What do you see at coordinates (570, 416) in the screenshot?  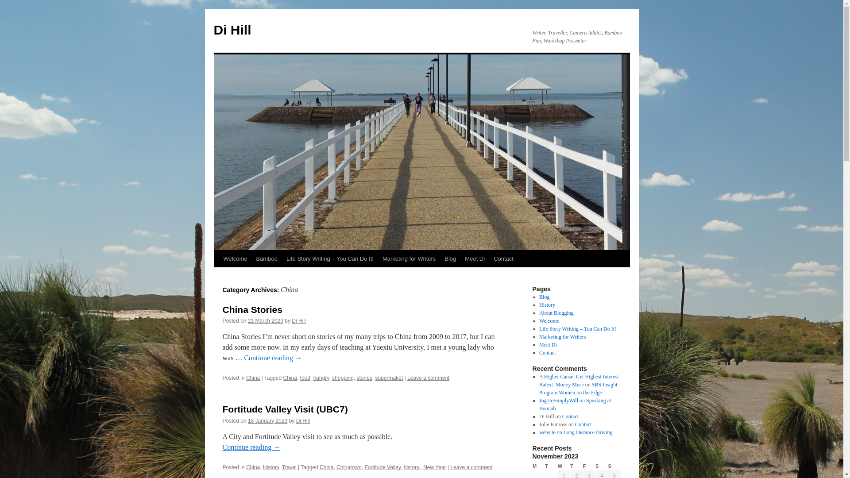 I see `'Contact'` at bounding box center [570, 416].